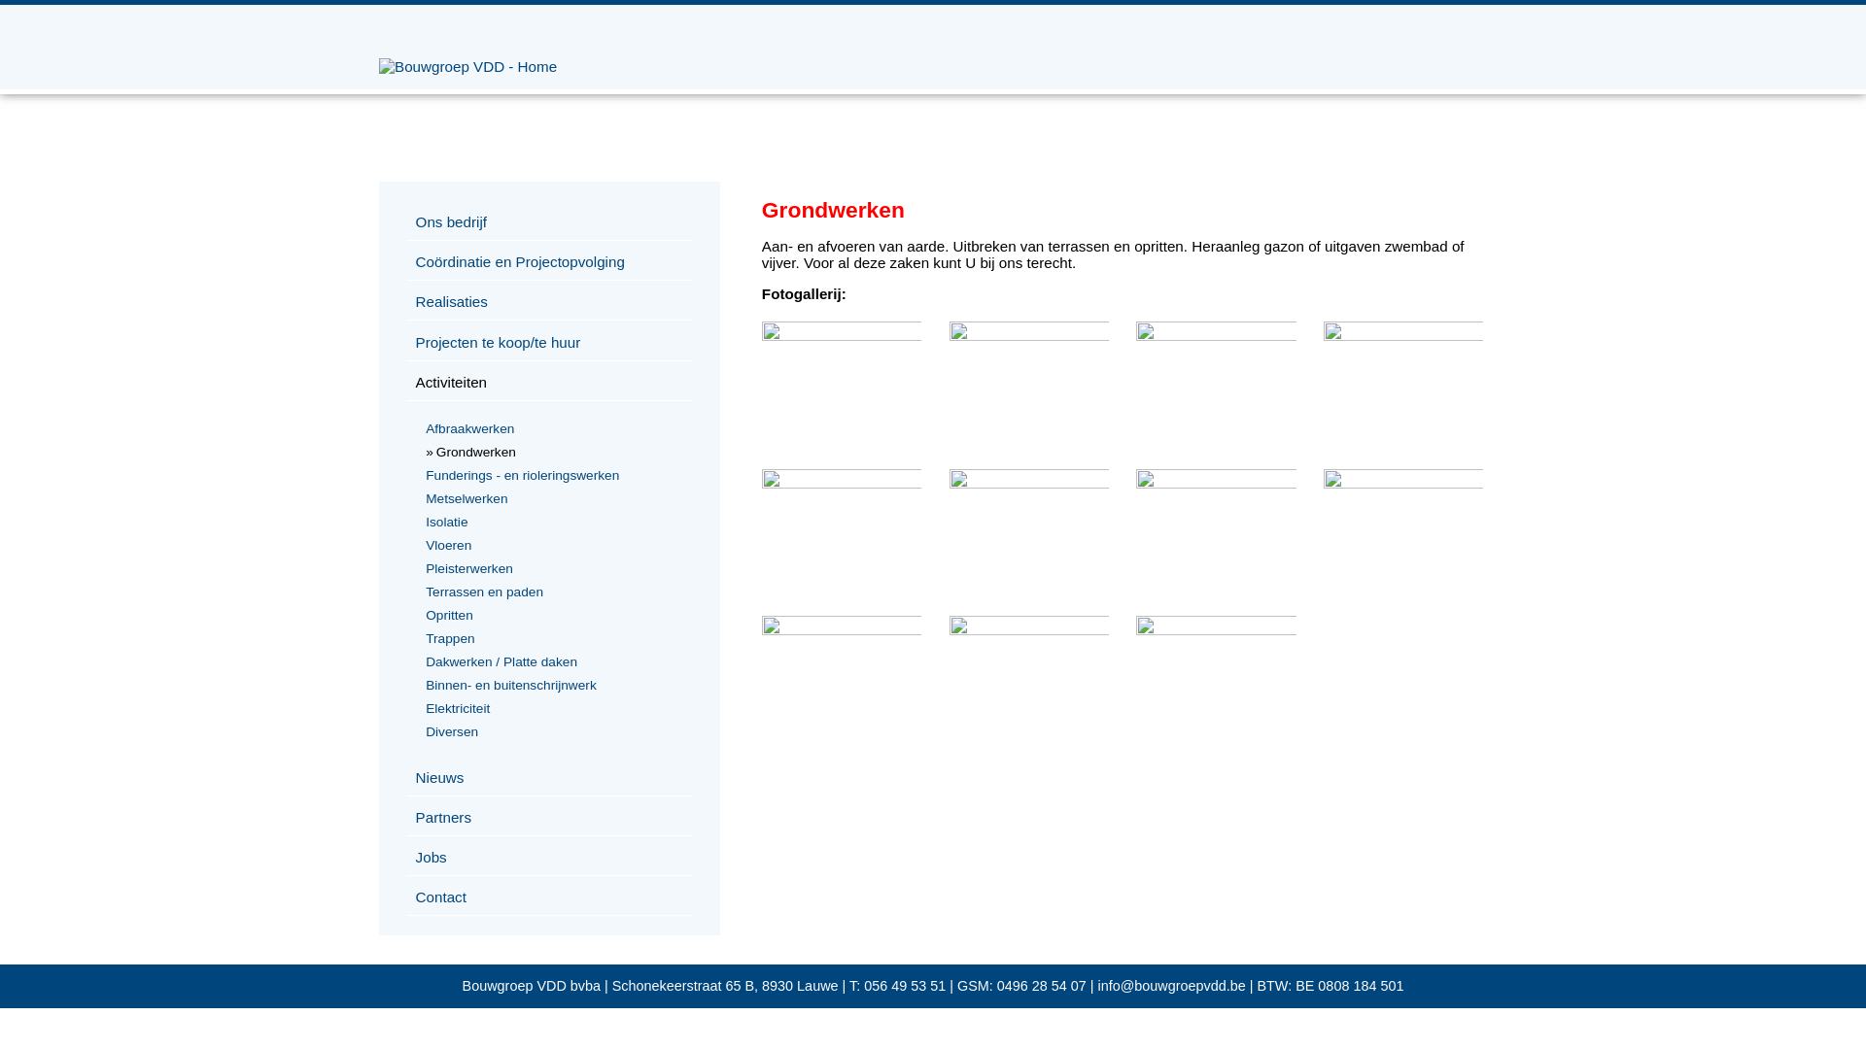 Image resolution: width=1866 pixels, height=1049 pixels. I want to click on 'Grondwerken', so click(760, 482).